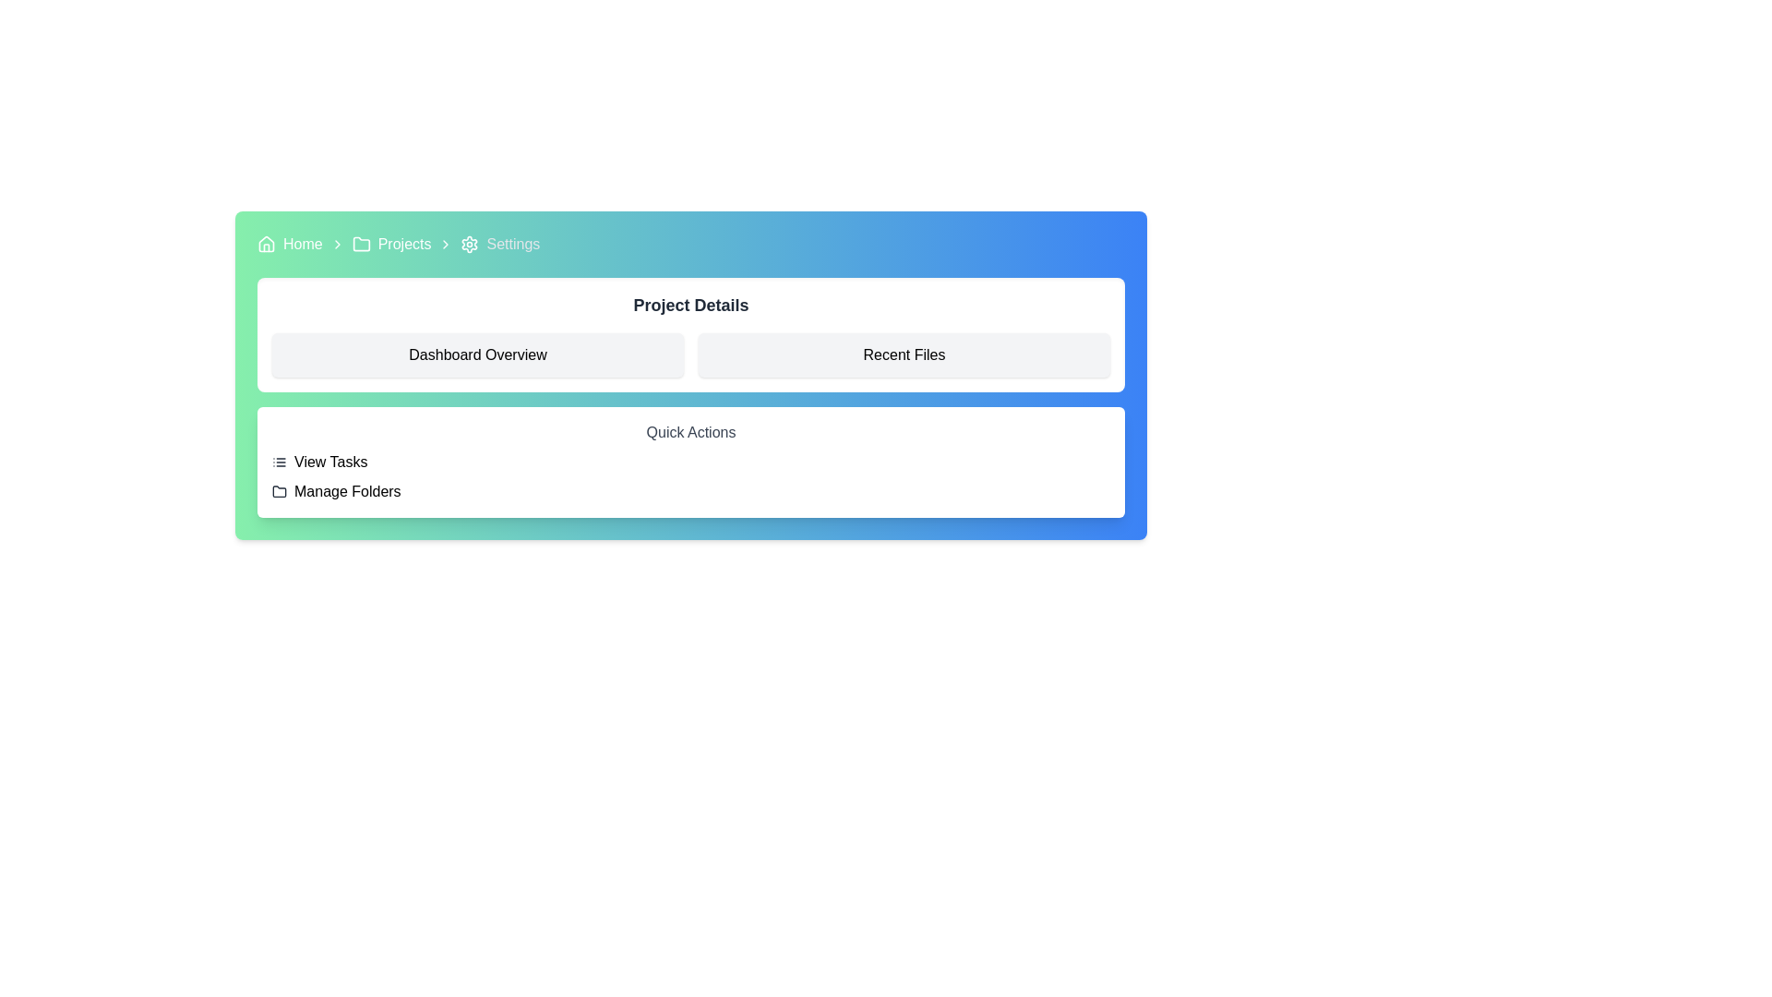 Image resolution: width=1772 pixels, height=997 pixels. What do you see at coordinates (446, 244) in the screenshot?
I see `the chevron icon located in the navigation bar, positioned right after the 'Projects' text and before the 'Settings' icon` at bounding box center [446, 244].